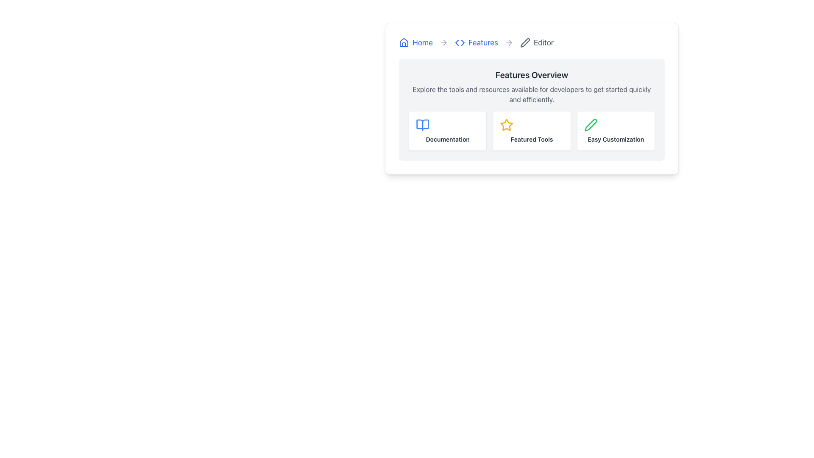 Image resolution: width=814 pixels, height=458 pixels. Describe the element at coordinates (590, 125) in the screenshot. I see `the customization icon located below the 'Features Overview' heading, which is the last icon in a row of three, to the right of 'Featured Tools' and below 'Easy Customization'` at that location.